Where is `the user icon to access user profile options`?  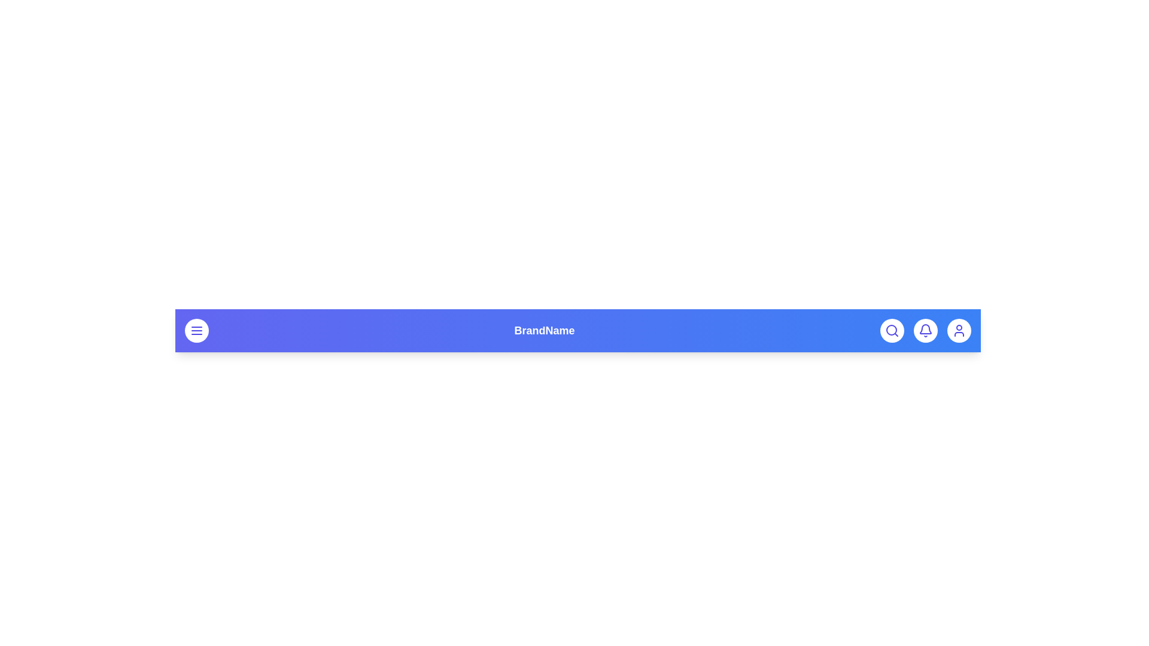 the user icon to access user profile options is located at coordinates (959, 330).